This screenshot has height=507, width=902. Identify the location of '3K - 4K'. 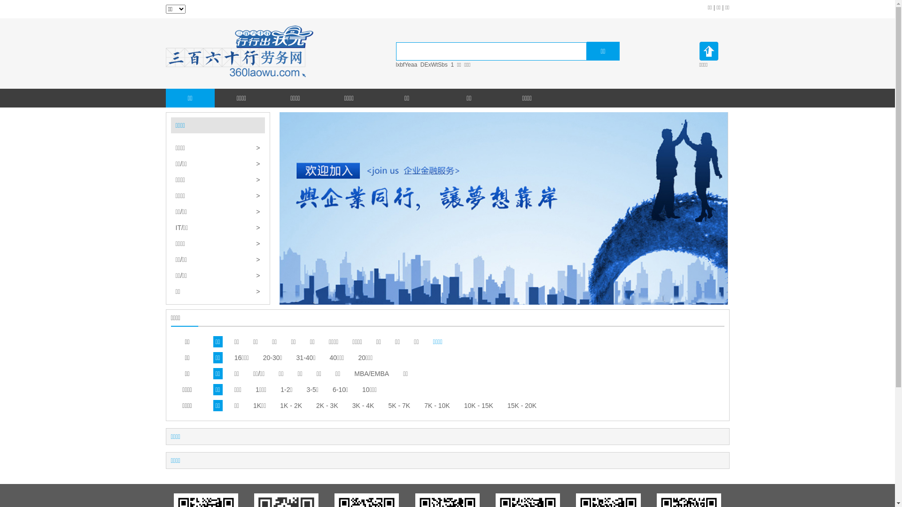
(363, 405).